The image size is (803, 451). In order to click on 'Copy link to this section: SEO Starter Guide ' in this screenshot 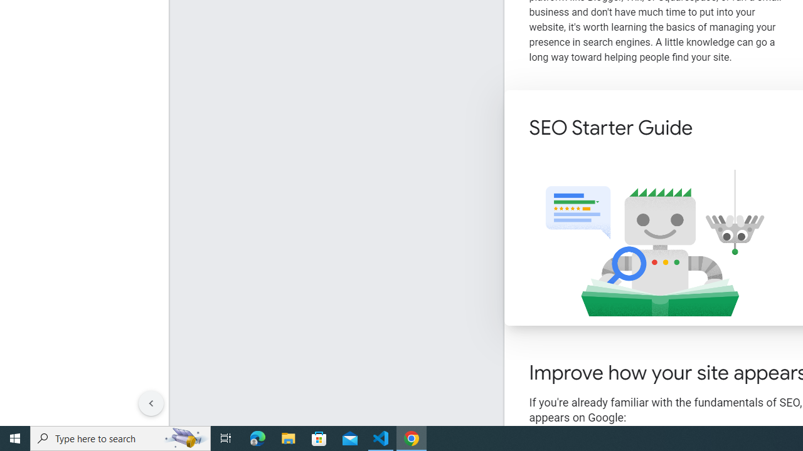, I will do `click(710, 129)`.